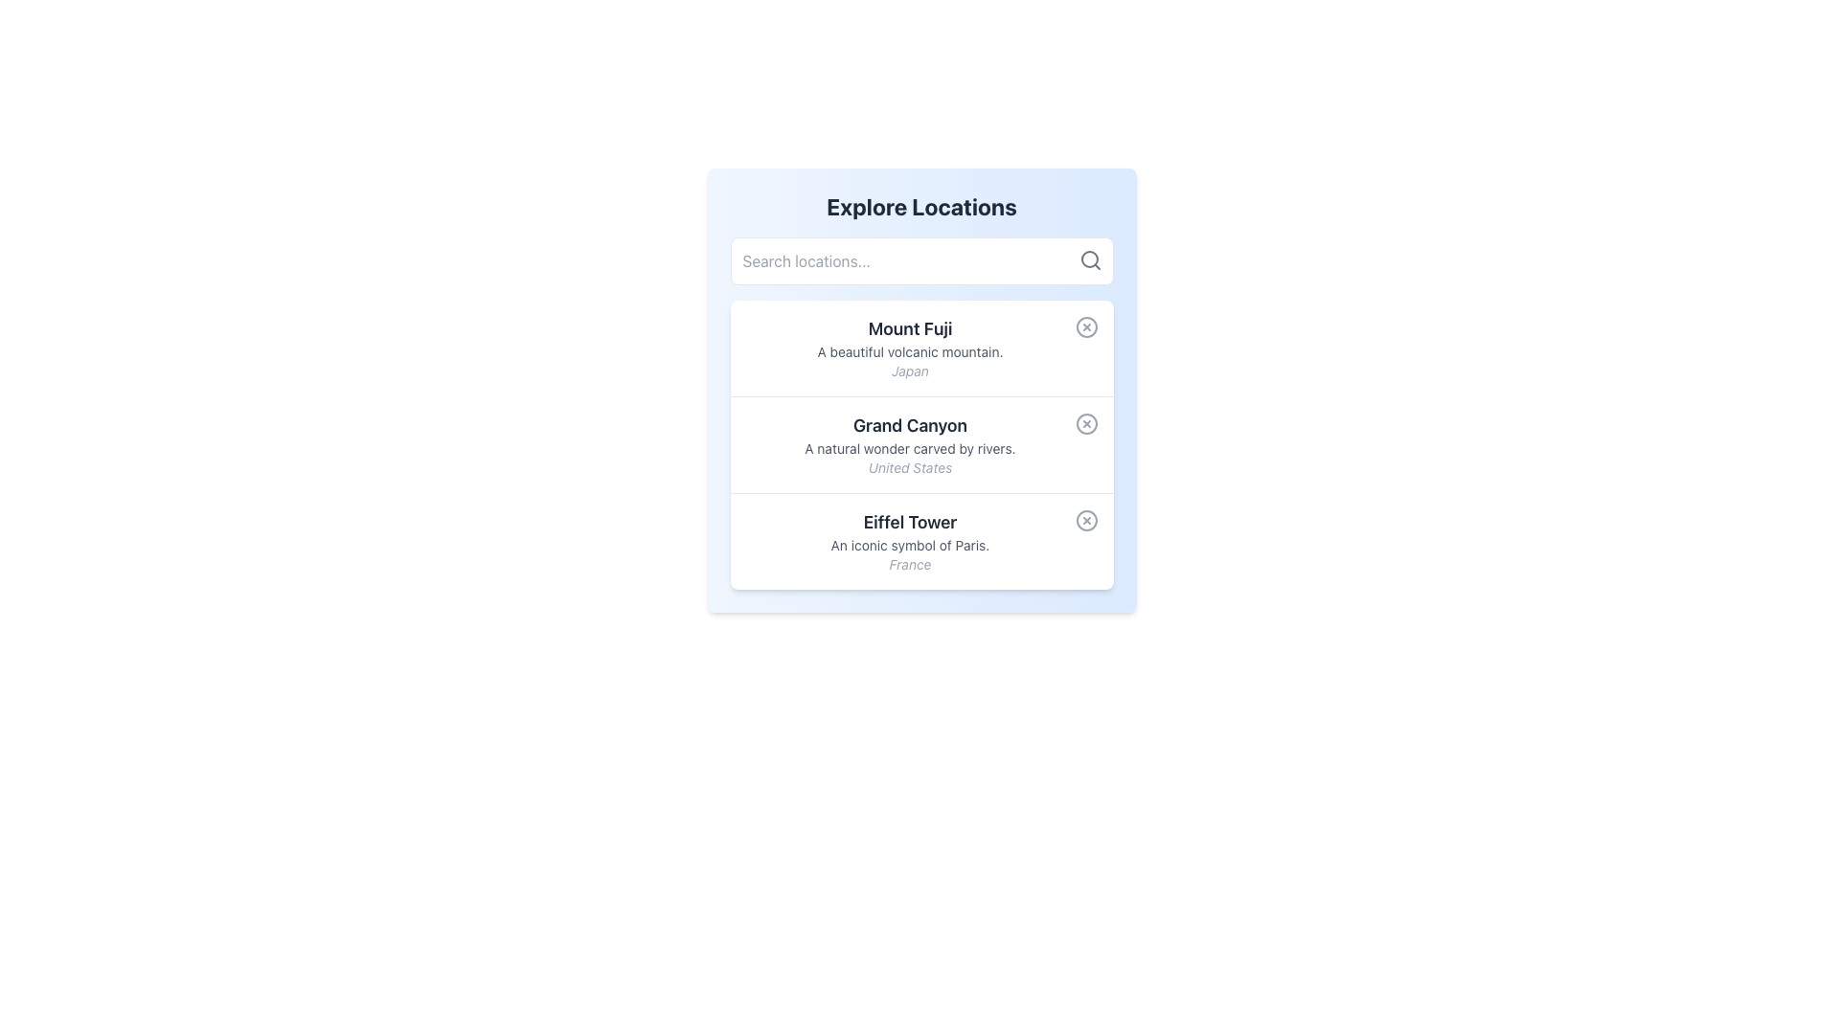 The image size is (1839, 1034). What do you see at coordinates (1090, 260) in the screenshot?
I see `the search button icon located on the right side of the search input field to initiate the search action` at bounding box center [1090, 260].